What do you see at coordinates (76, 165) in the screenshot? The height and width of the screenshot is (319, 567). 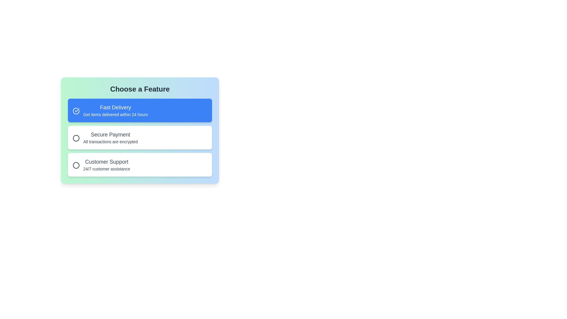 I see `the circular selector marker located before the 'Customer Support' label` at bounding box center [76, 165].